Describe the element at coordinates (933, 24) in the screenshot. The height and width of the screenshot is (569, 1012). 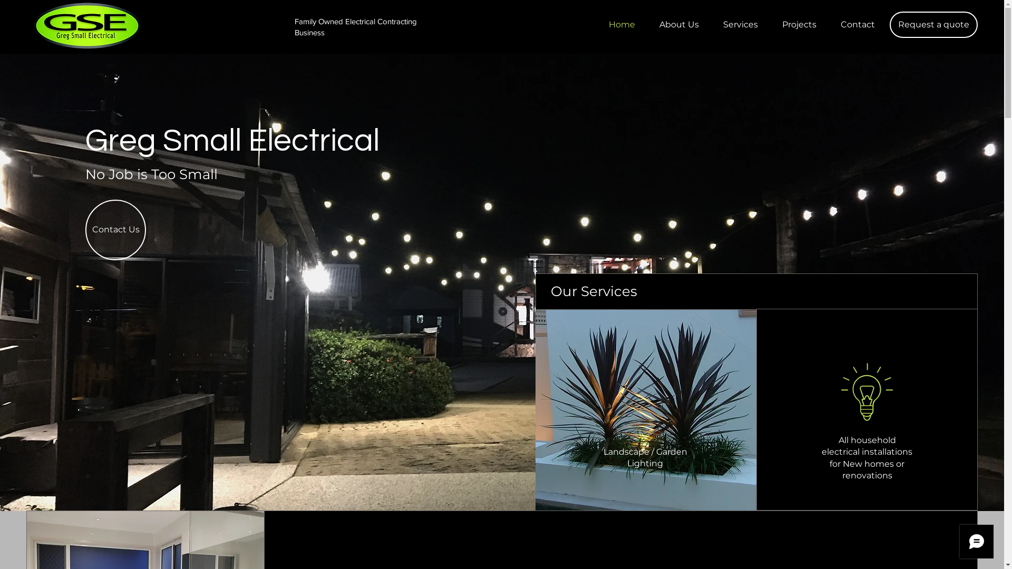
I see `'Request a quote'` at that location.